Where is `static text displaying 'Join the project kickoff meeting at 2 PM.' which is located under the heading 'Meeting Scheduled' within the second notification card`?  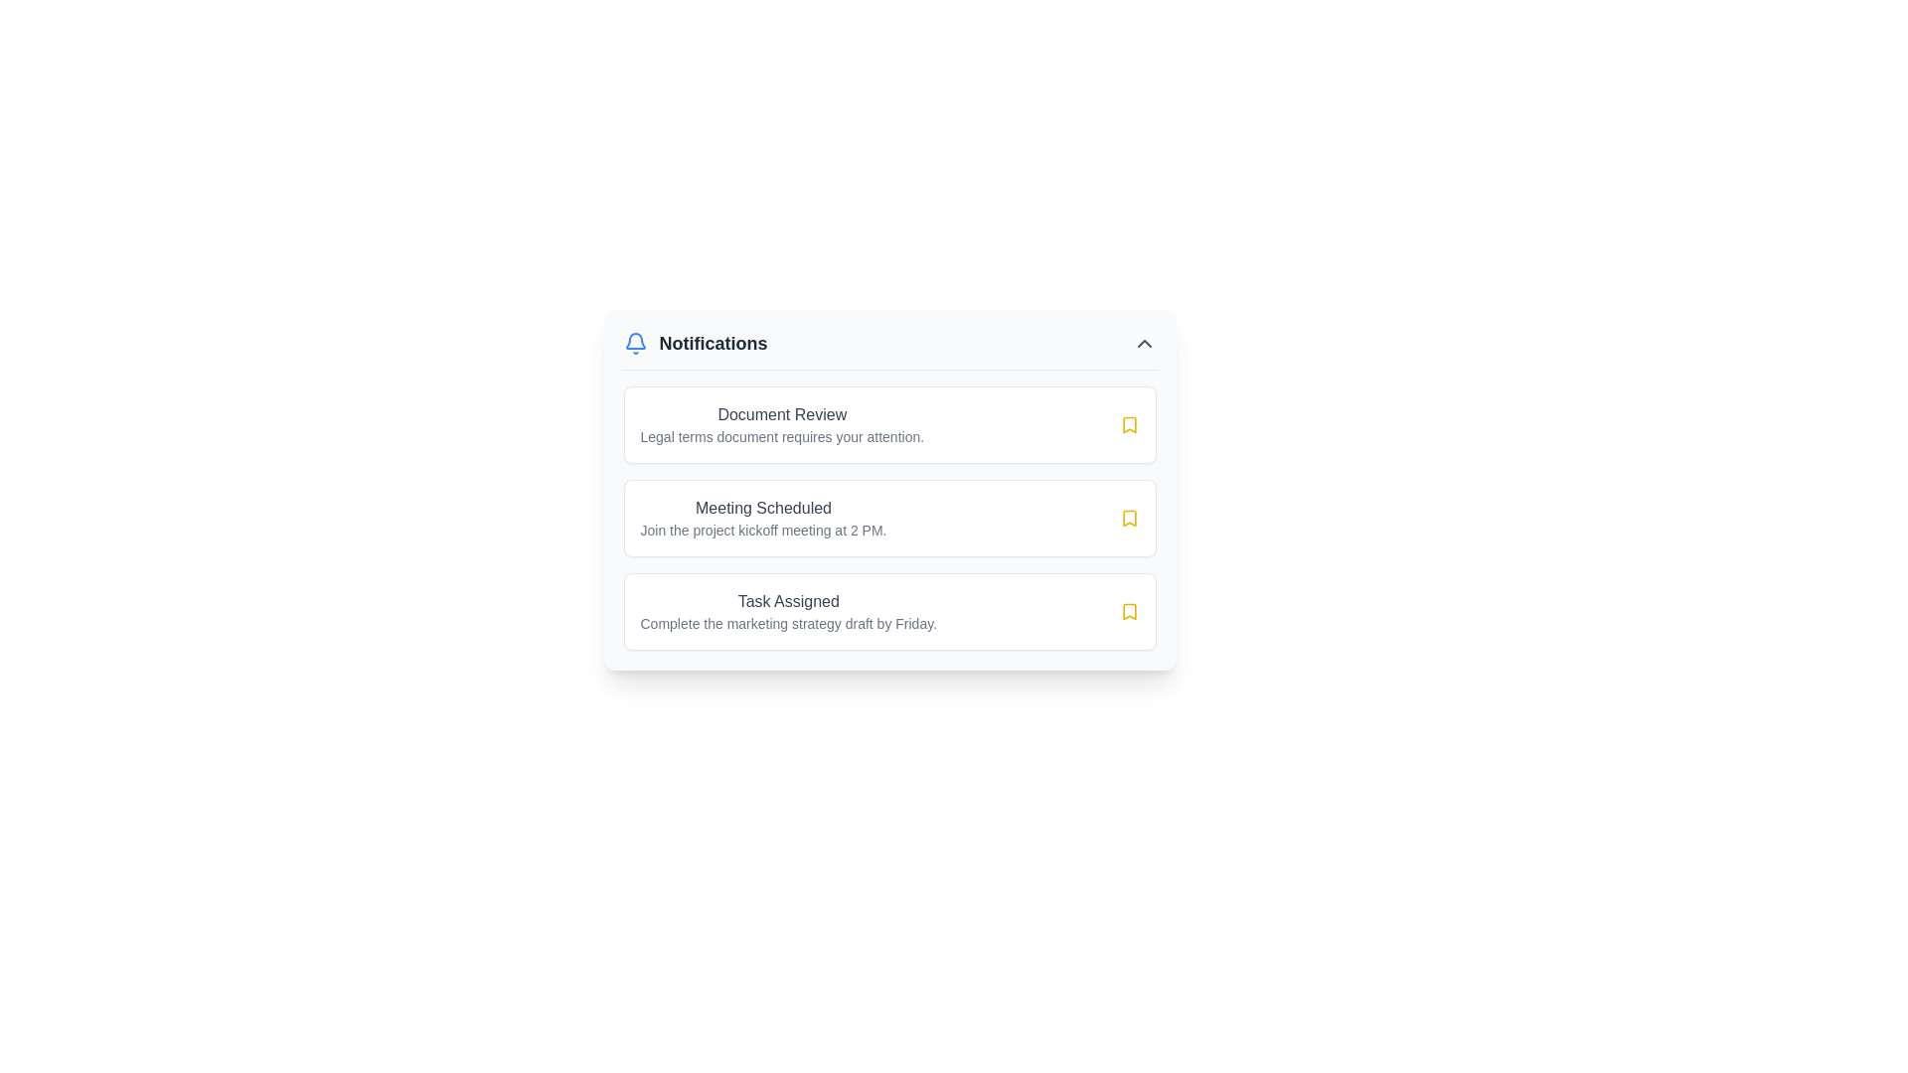 static text displaying 'Join the project kickoff meeting at 2 PM.' which is located under the heading 'Meeting Scheduled' within the second notification card is located at coordinates (762, 529).